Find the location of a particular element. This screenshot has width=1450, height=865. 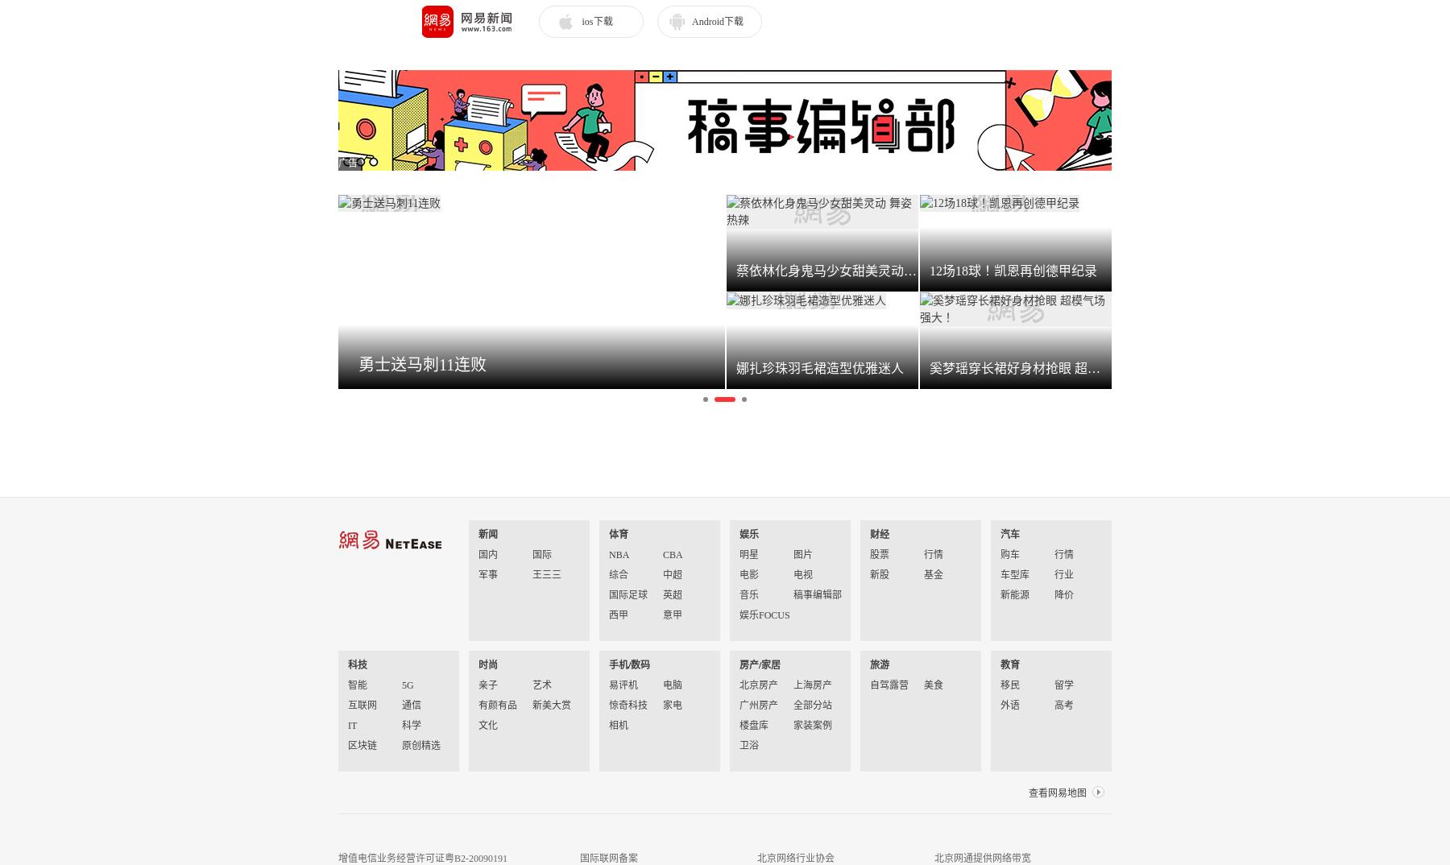

'网易公布2023年第二季度财报' is located at coordinates (684, 382).